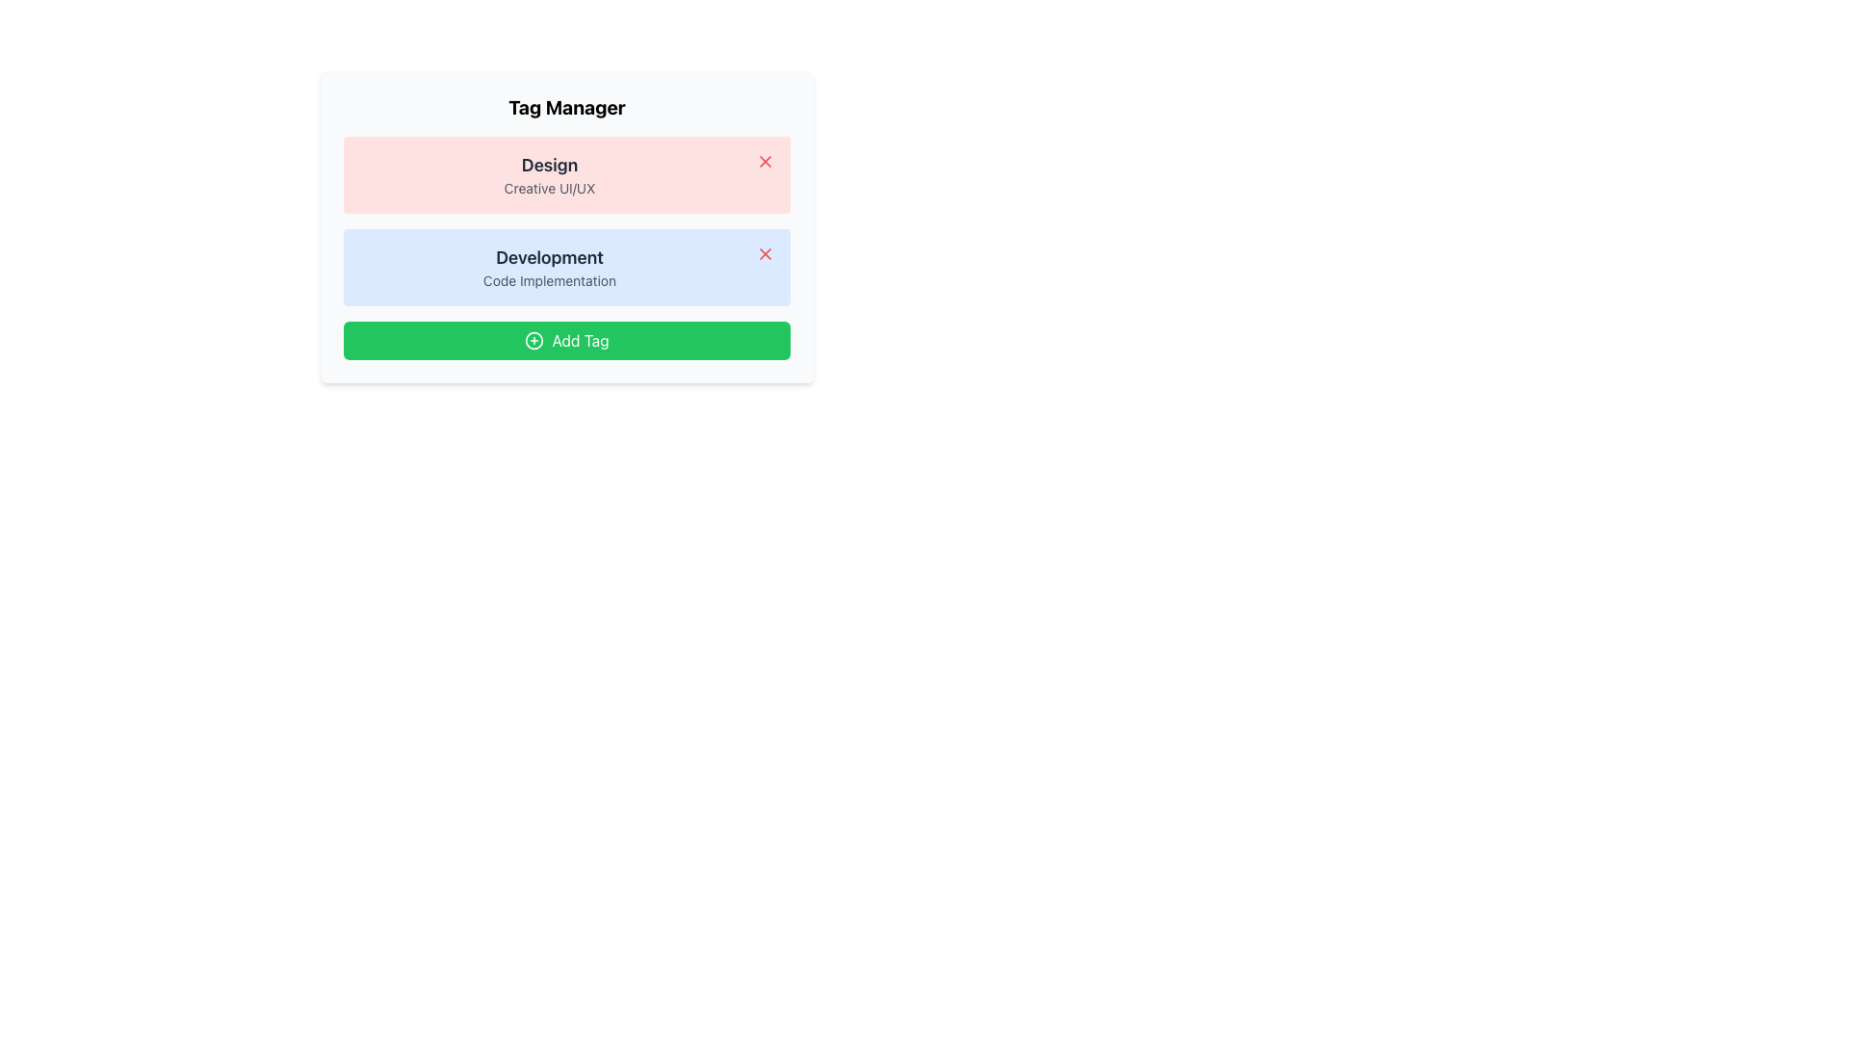  I want to click on the 'Development' tag item, so click(566, 267).